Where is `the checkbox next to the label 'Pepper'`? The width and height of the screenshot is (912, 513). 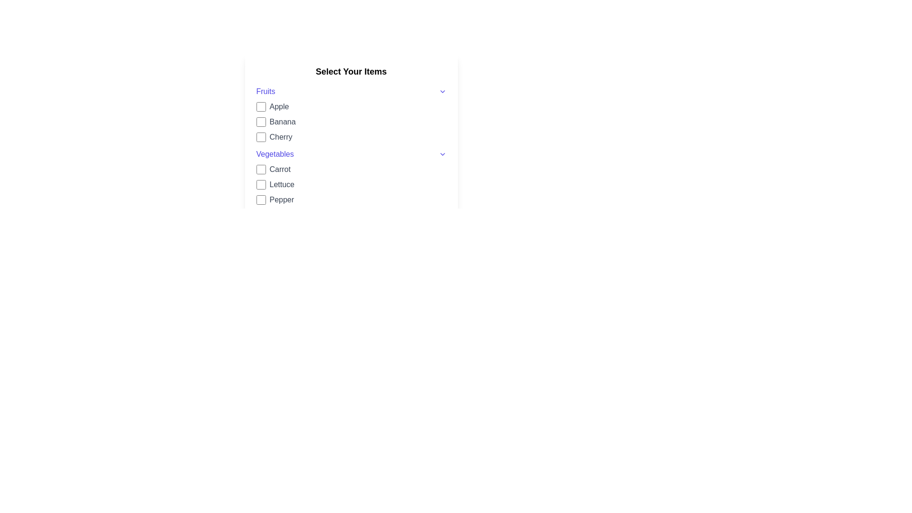 the checkbox next to the label 'Pepper' is located at coordinates (261, 199).